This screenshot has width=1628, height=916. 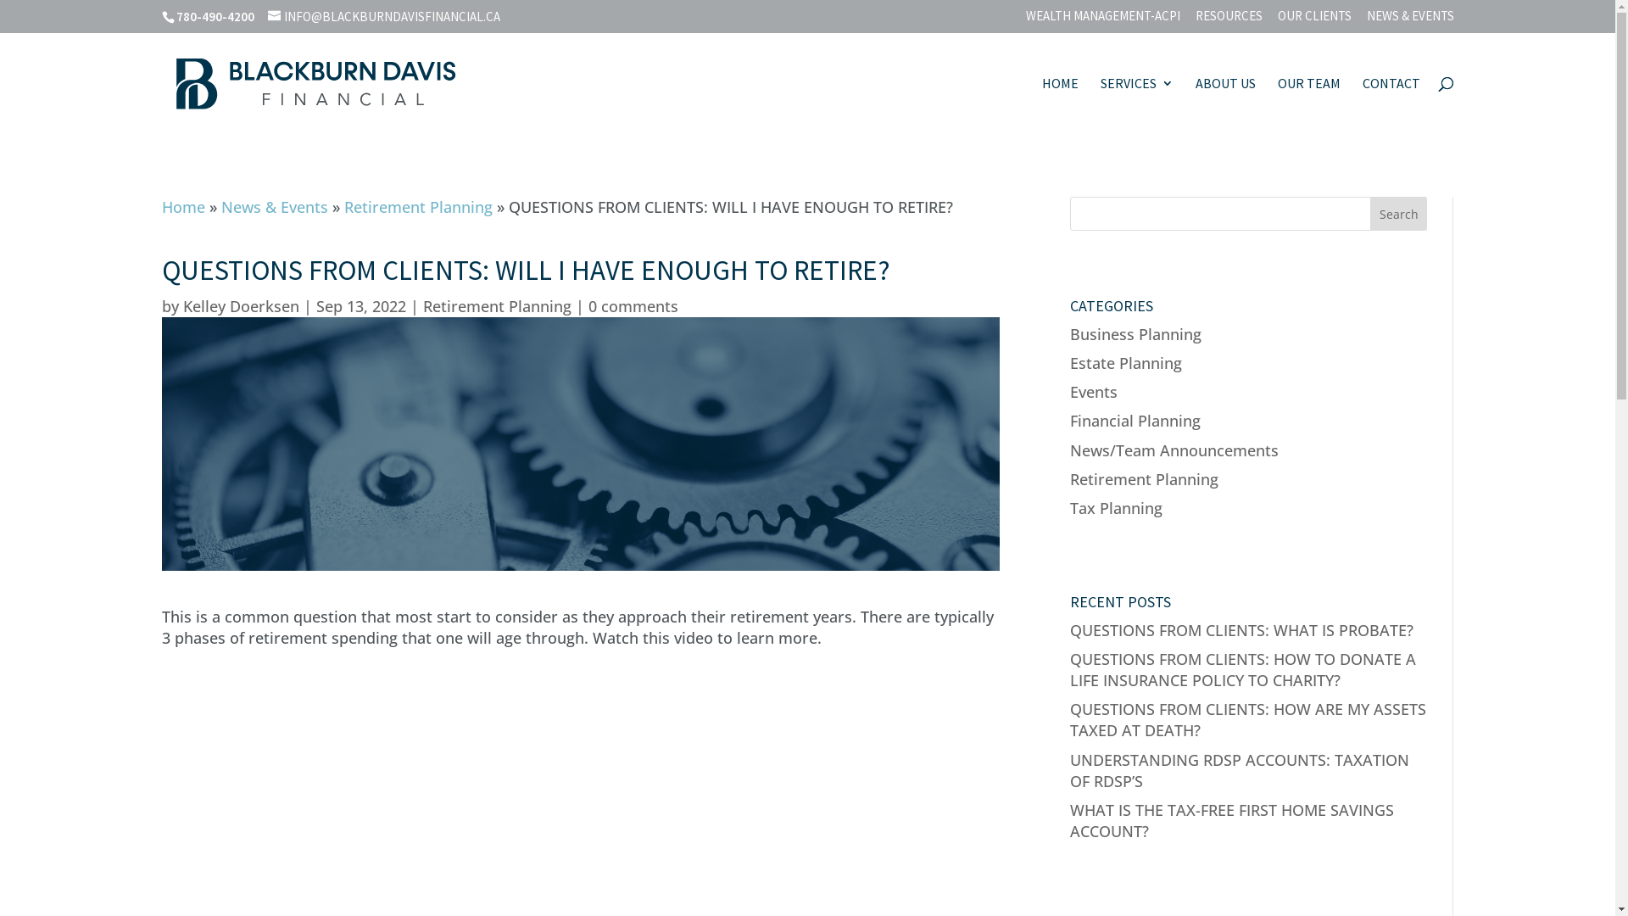 I want to click on 'News/Team Announcements', so click(x=1174, y=448).